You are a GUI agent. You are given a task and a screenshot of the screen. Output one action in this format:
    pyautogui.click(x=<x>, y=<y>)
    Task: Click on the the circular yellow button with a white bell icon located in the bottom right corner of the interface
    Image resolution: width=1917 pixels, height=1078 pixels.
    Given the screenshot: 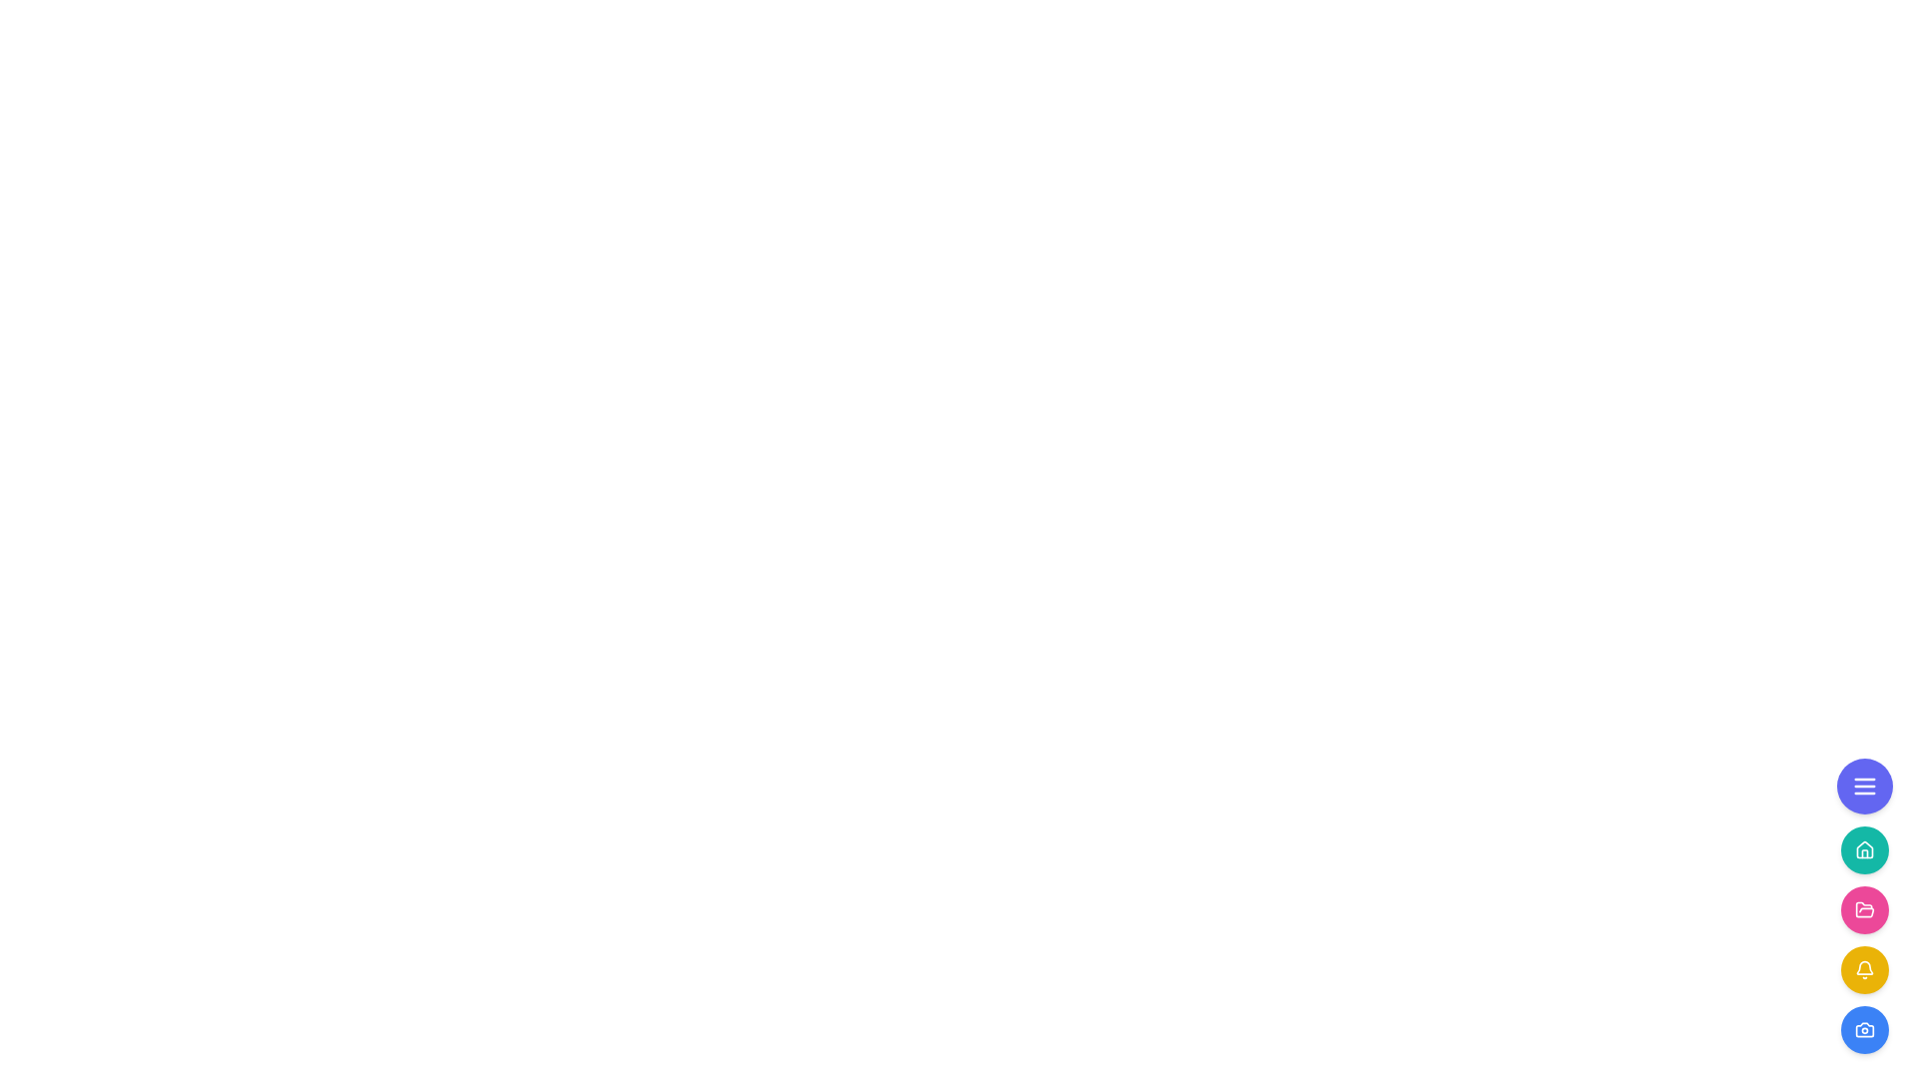 What is the action you would take?
    pyautogui.click(x=1863, y=969)
    